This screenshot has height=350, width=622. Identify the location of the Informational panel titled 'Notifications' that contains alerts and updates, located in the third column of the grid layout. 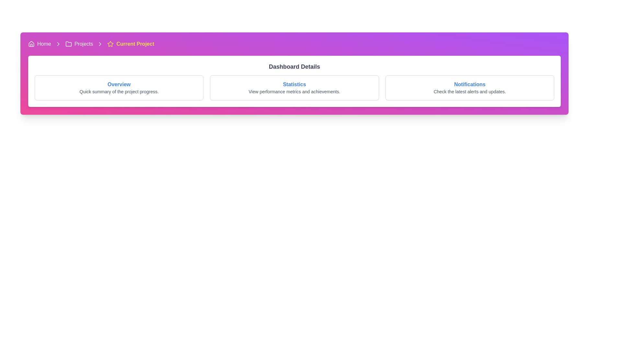
(470, 87).